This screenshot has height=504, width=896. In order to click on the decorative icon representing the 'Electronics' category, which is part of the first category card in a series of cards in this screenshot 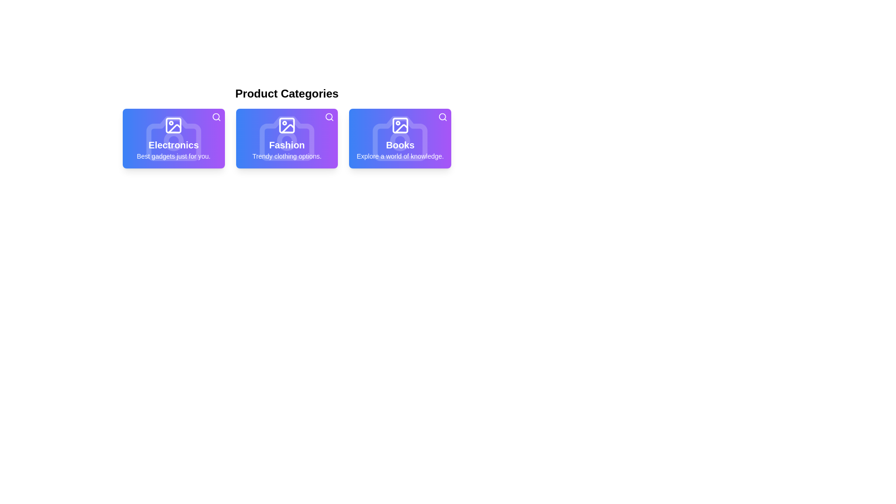, I will do `click(174, 139)`.